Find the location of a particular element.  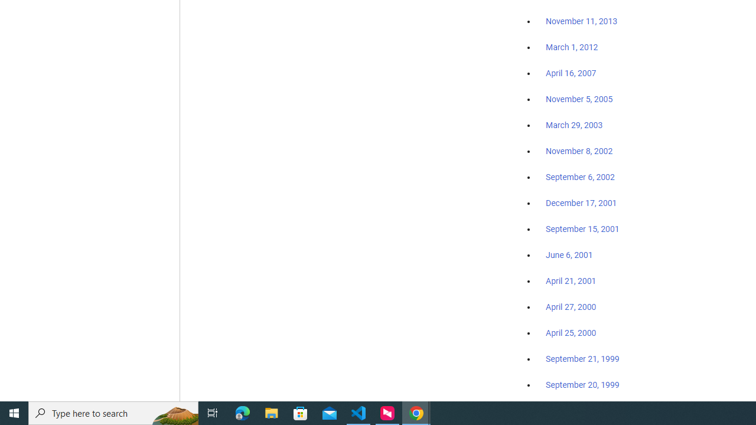

'September 21, 1999' is located at coordinates (582, 358).